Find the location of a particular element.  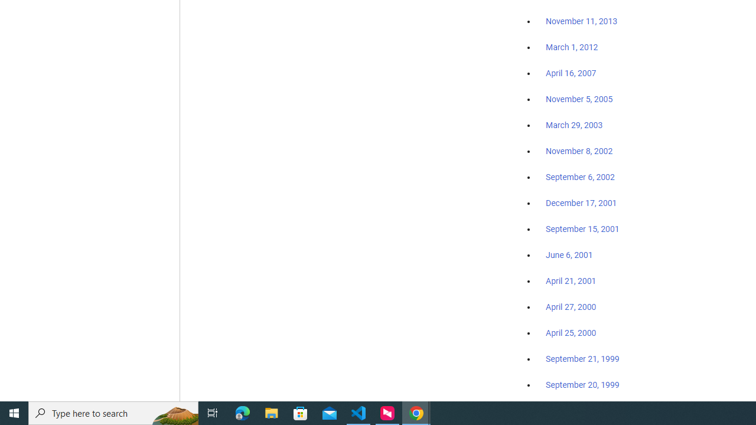

'September 21, 1999' is located at coordinates (582, 358).